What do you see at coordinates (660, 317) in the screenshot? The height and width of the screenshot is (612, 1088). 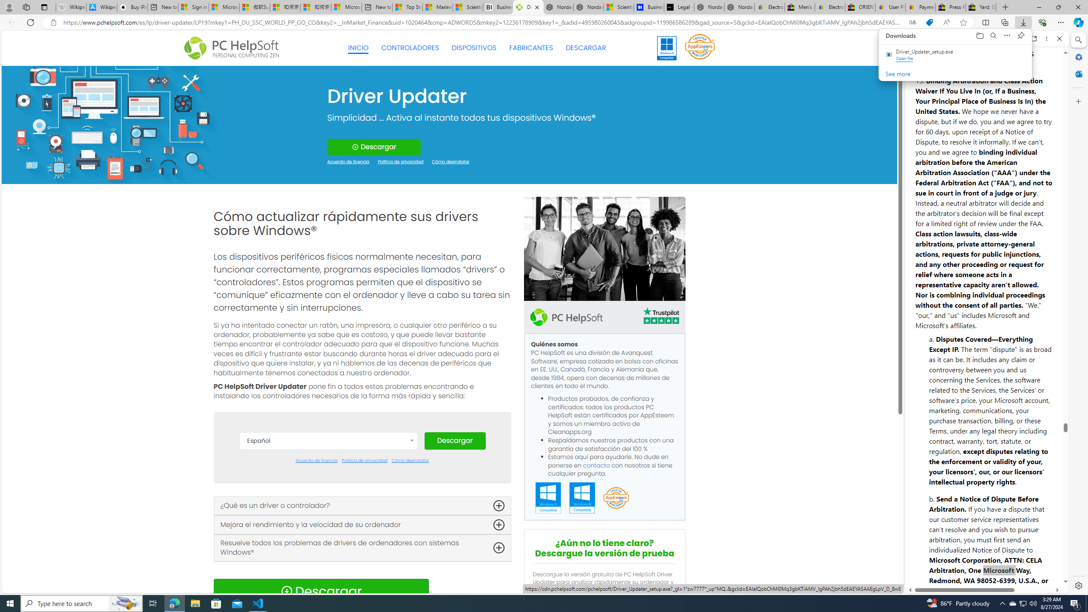 I see `'TrustPilot'` at bounding box center [660, 317].